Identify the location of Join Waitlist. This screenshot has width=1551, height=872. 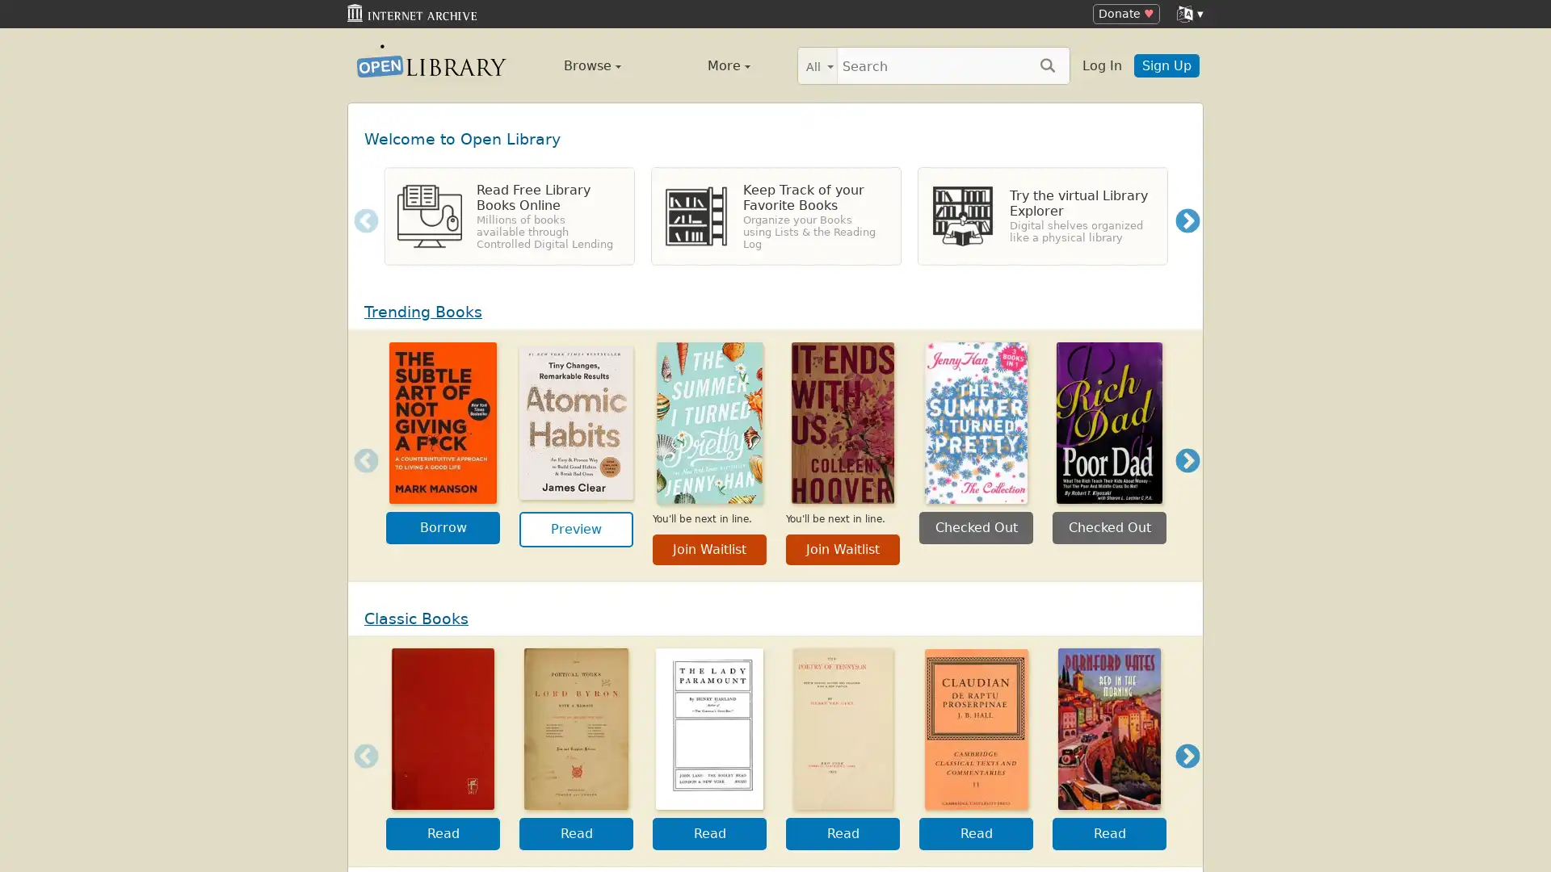
(709, 549).